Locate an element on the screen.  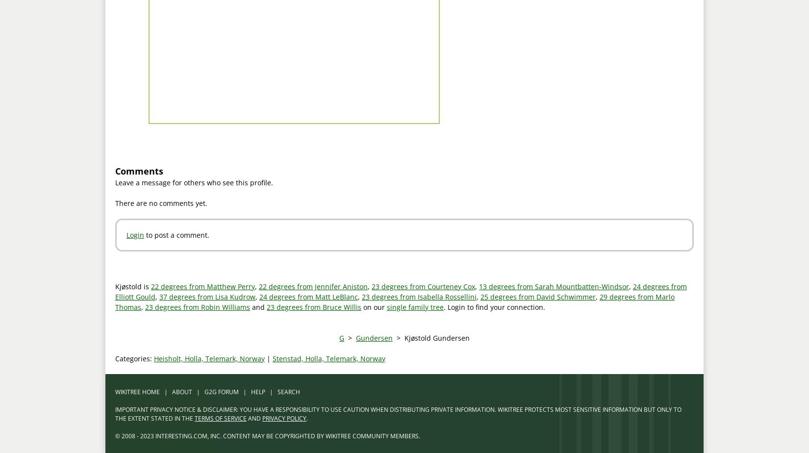
'Kjøstold is' is located at coordinates (133, 286).